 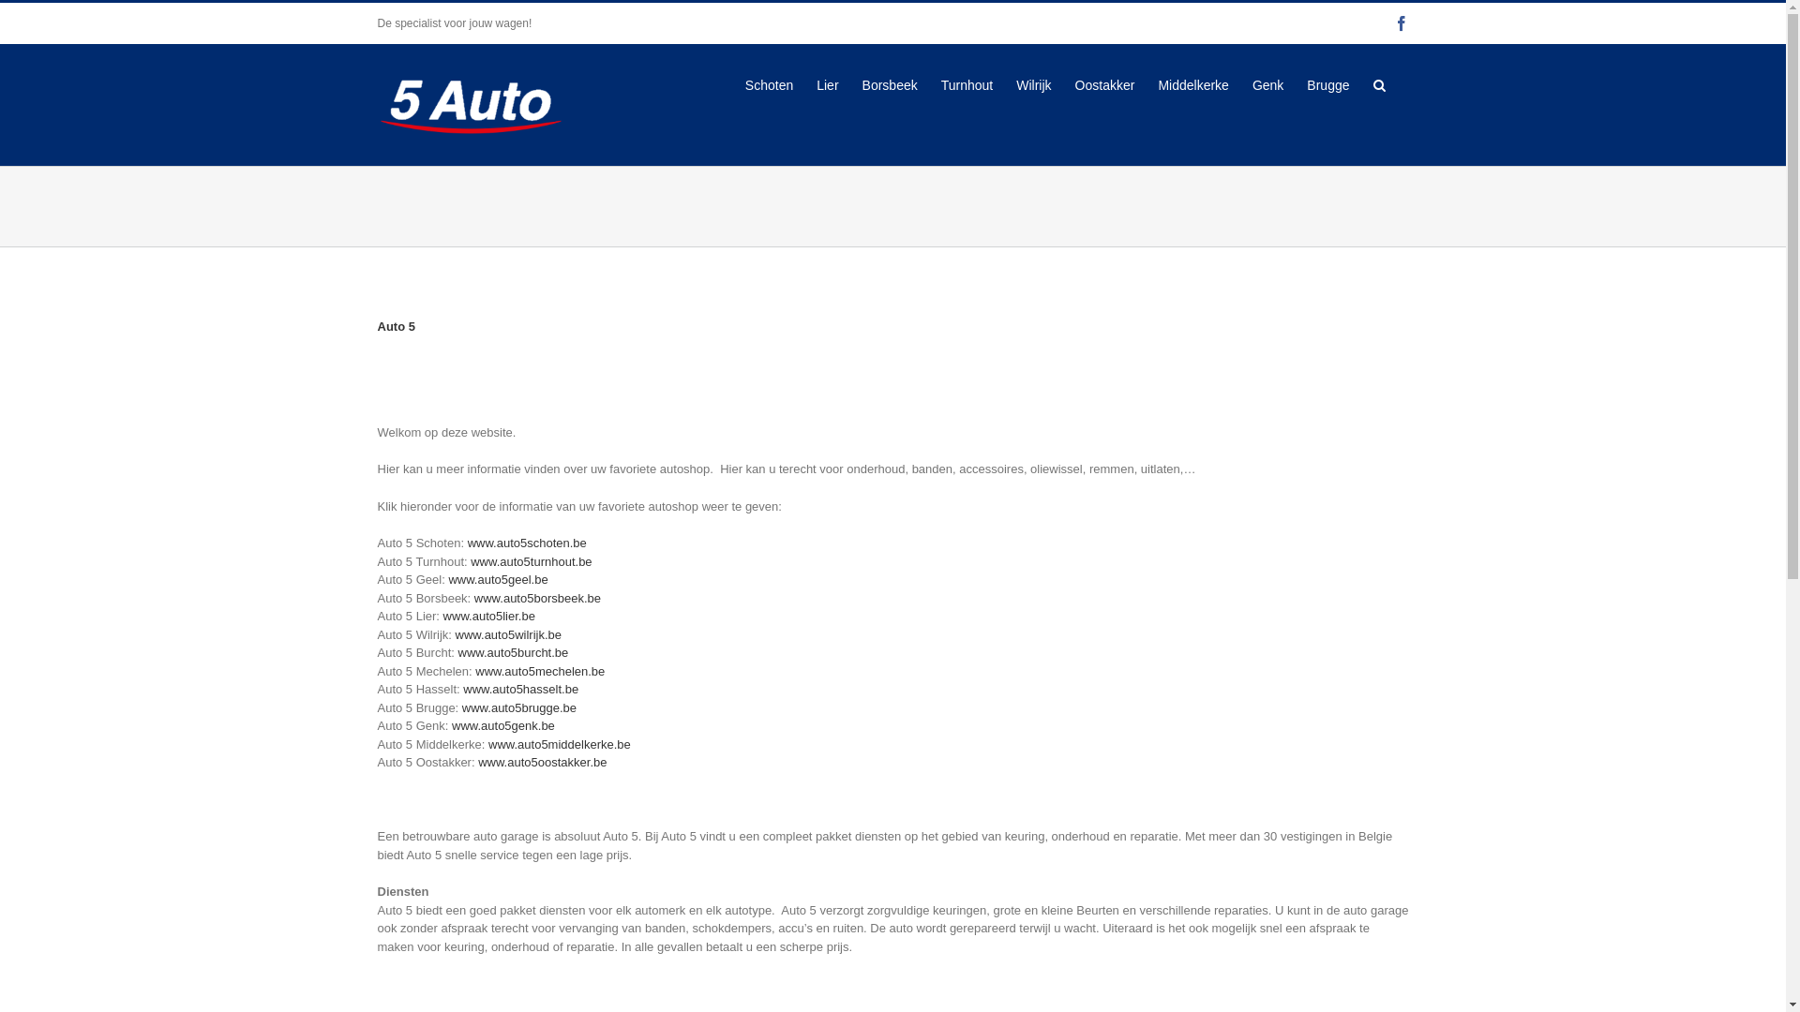 What do you see at coordinates (536, 597) in the screenshot?
I see `'www.auto5borsbeek.be'` at bounding box center [536, 597].